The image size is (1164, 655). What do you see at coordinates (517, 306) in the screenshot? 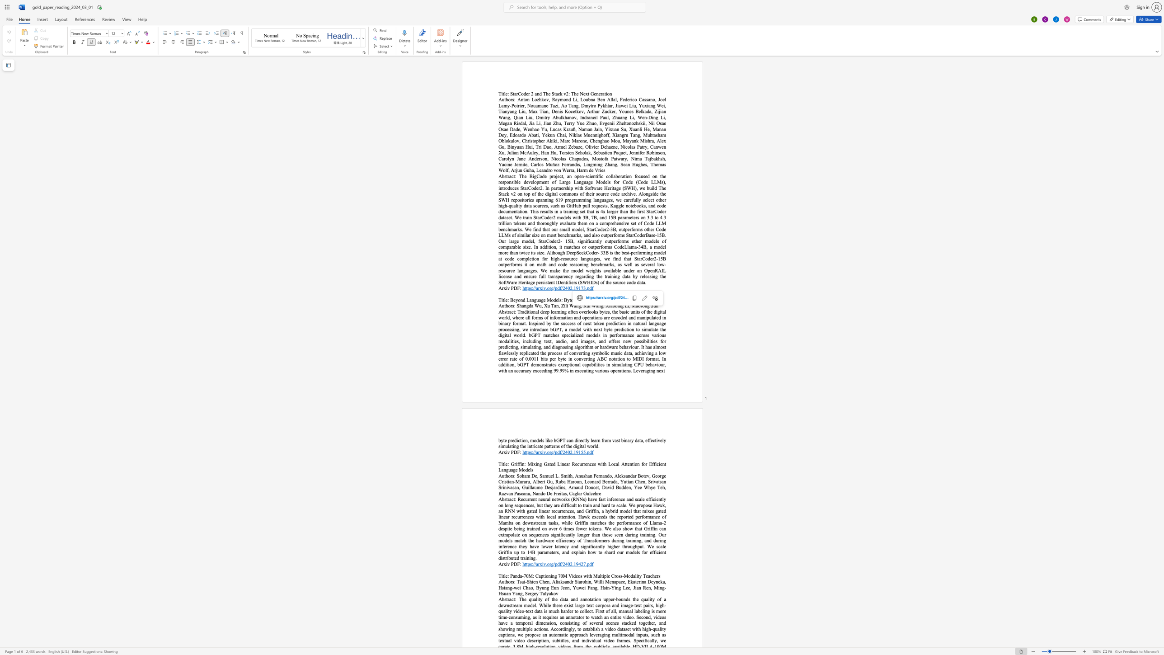
I see `the 1th character "S" in the text` at bounding box center [517, 306].